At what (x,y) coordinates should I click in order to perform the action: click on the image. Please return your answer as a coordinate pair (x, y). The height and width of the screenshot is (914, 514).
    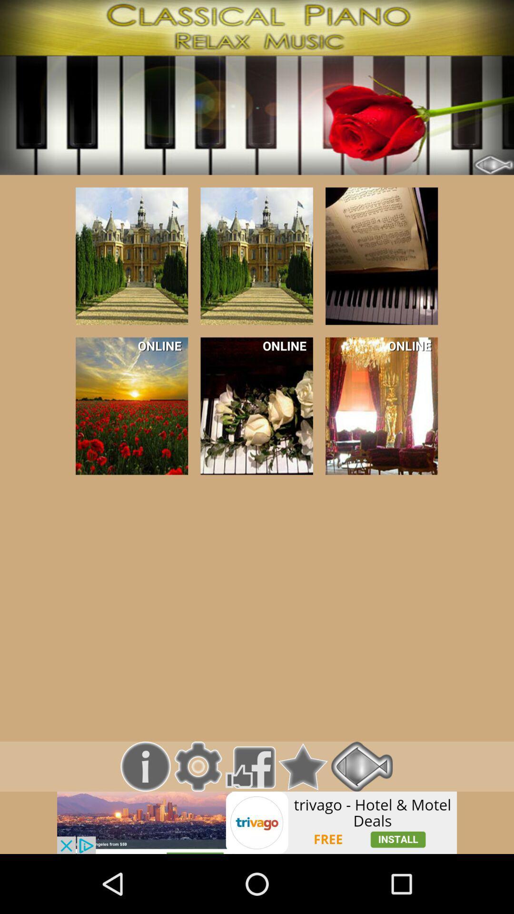
    Looking at the image, I should click on (132, 256).